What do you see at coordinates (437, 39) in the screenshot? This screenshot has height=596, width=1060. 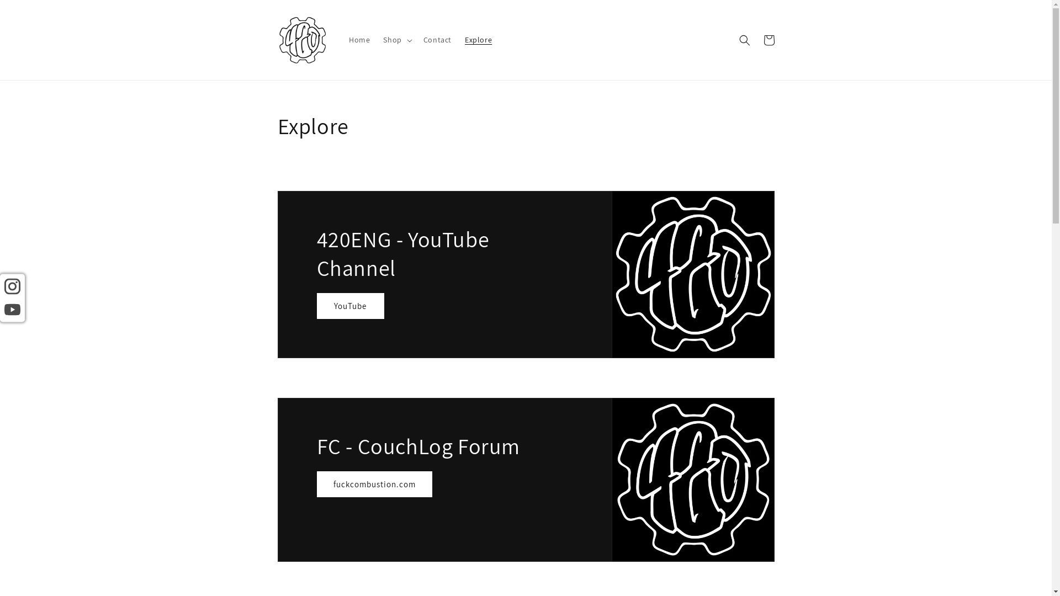 I see `'Contact'` at bounding box center [437, 39].